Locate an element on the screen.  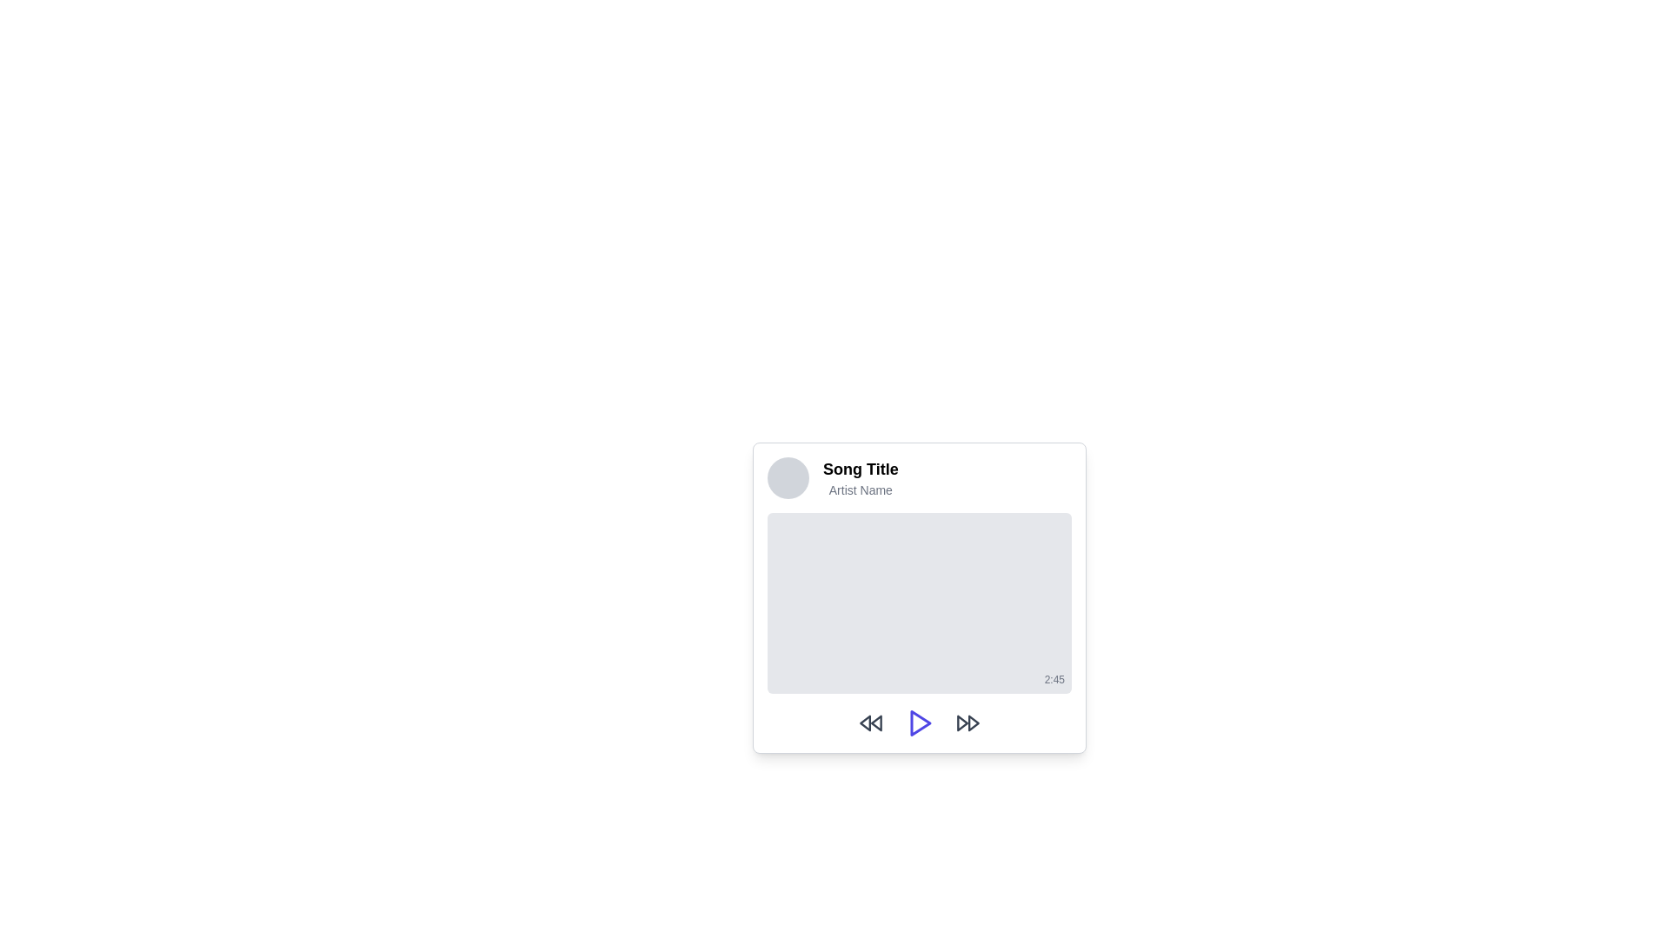
the fast-forward icon button, which is a dark gray icon composed of two overlapping triangles pointing to the right is located at coordinates (967, 723).